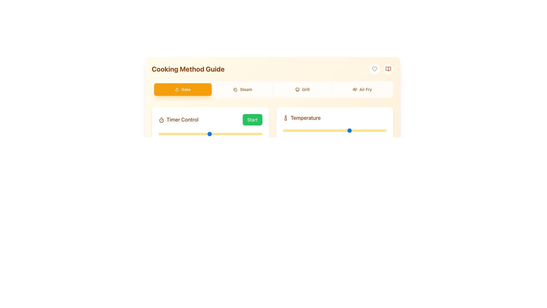  Describe the element at coordinates (289, 131) in the screenshot. I see `the temperature slider` at that location.